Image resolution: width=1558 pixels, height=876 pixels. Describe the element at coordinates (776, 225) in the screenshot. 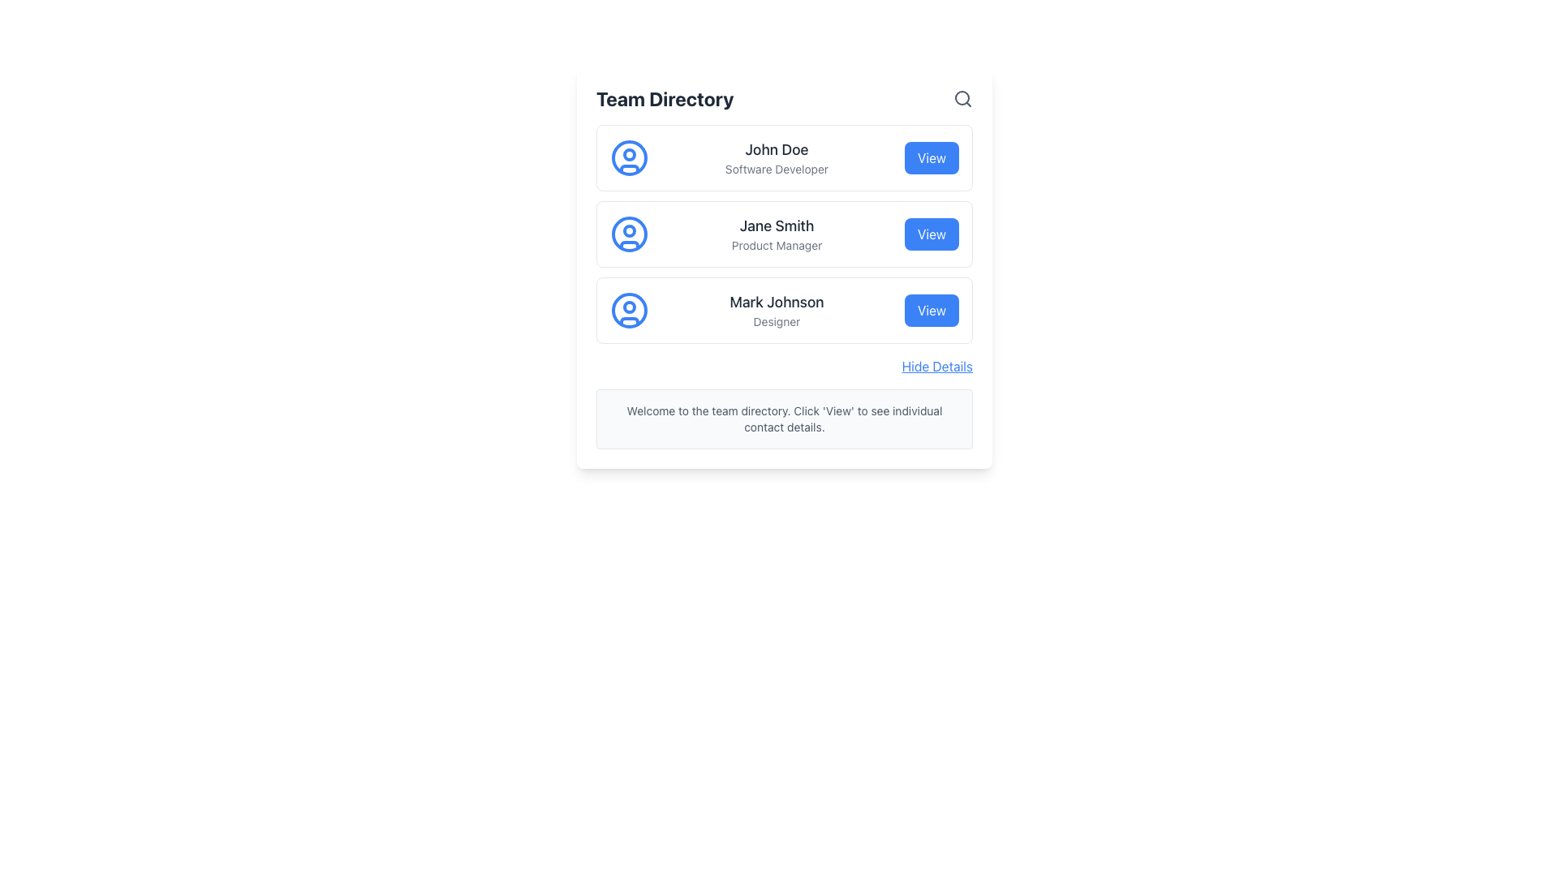

I see `the text label displaying 'Jane Smith' to potentially reveal a tooltip` at that location.